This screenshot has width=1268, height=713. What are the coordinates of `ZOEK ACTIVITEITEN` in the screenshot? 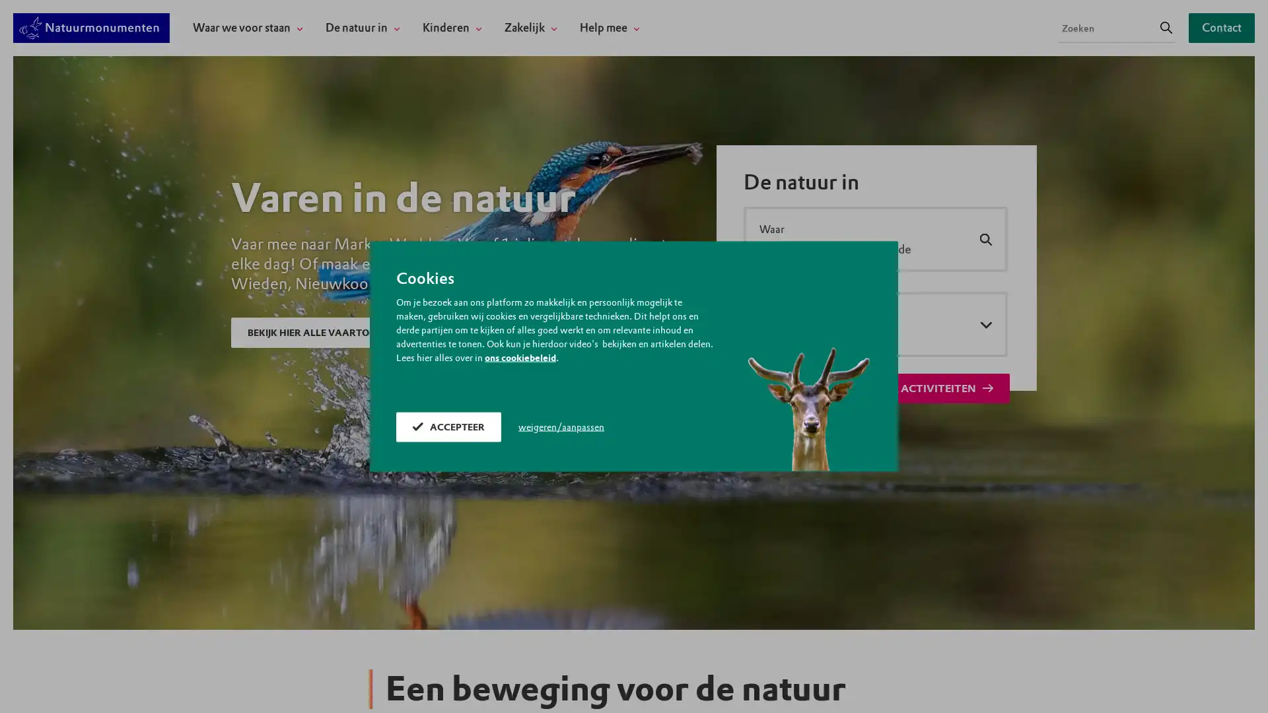 It's located at (931, 388).